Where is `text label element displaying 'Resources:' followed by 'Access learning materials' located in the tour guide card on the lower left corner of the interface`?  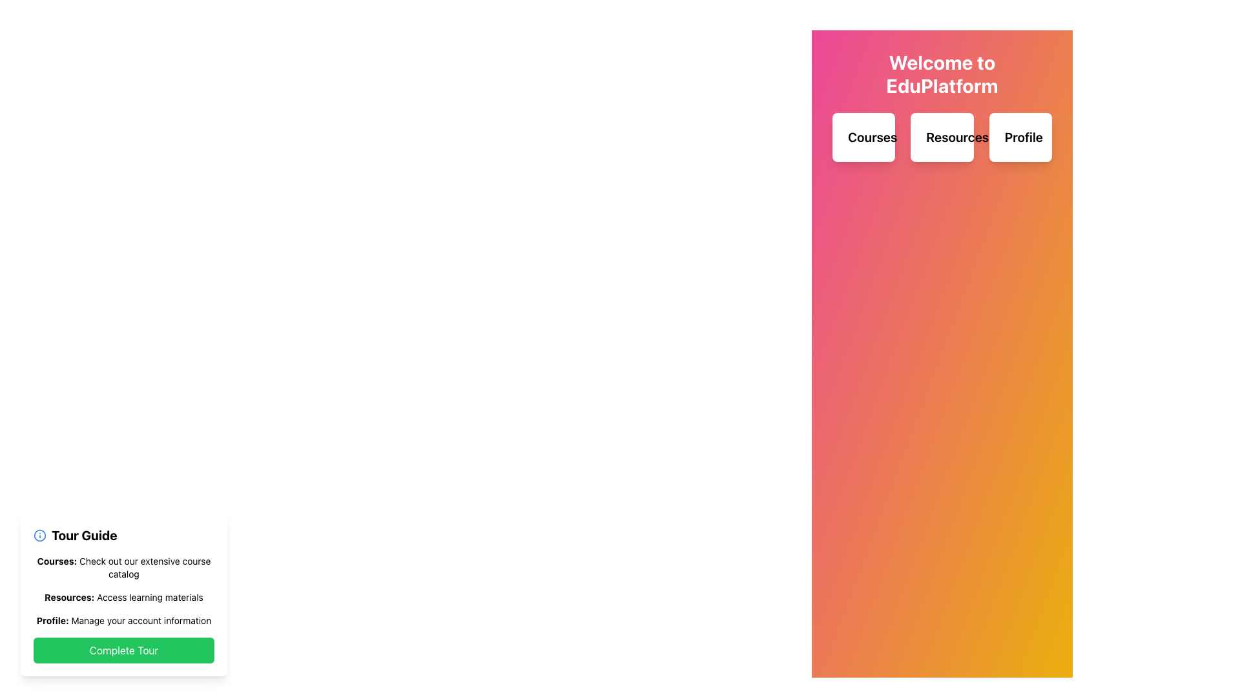
text label element displaying 'Resources:' followed by 'Access learning materials' located in the tour guide card on the lower left corner of the interface is located at coordinates (124, 597).